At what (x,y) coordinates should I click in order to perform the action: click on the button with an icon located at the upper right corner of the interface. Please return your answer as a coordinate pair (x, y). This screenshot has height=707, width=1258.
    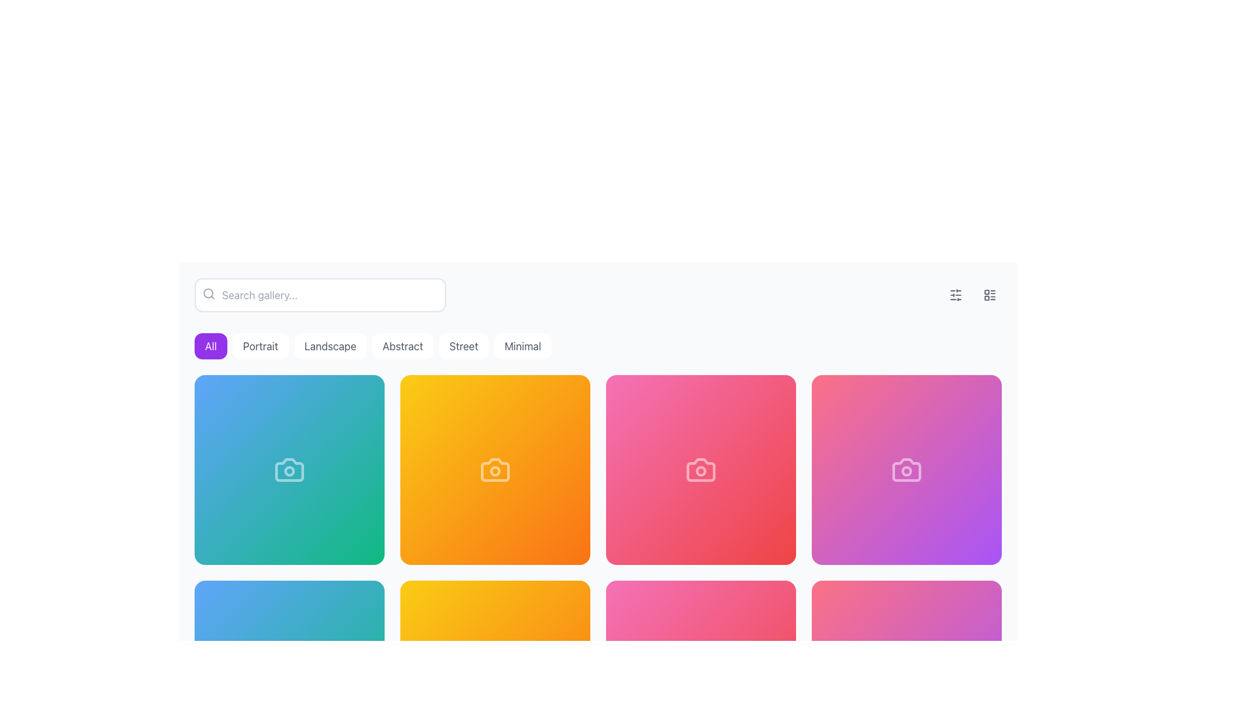
    Looking at the image, I should click on (990, 295).